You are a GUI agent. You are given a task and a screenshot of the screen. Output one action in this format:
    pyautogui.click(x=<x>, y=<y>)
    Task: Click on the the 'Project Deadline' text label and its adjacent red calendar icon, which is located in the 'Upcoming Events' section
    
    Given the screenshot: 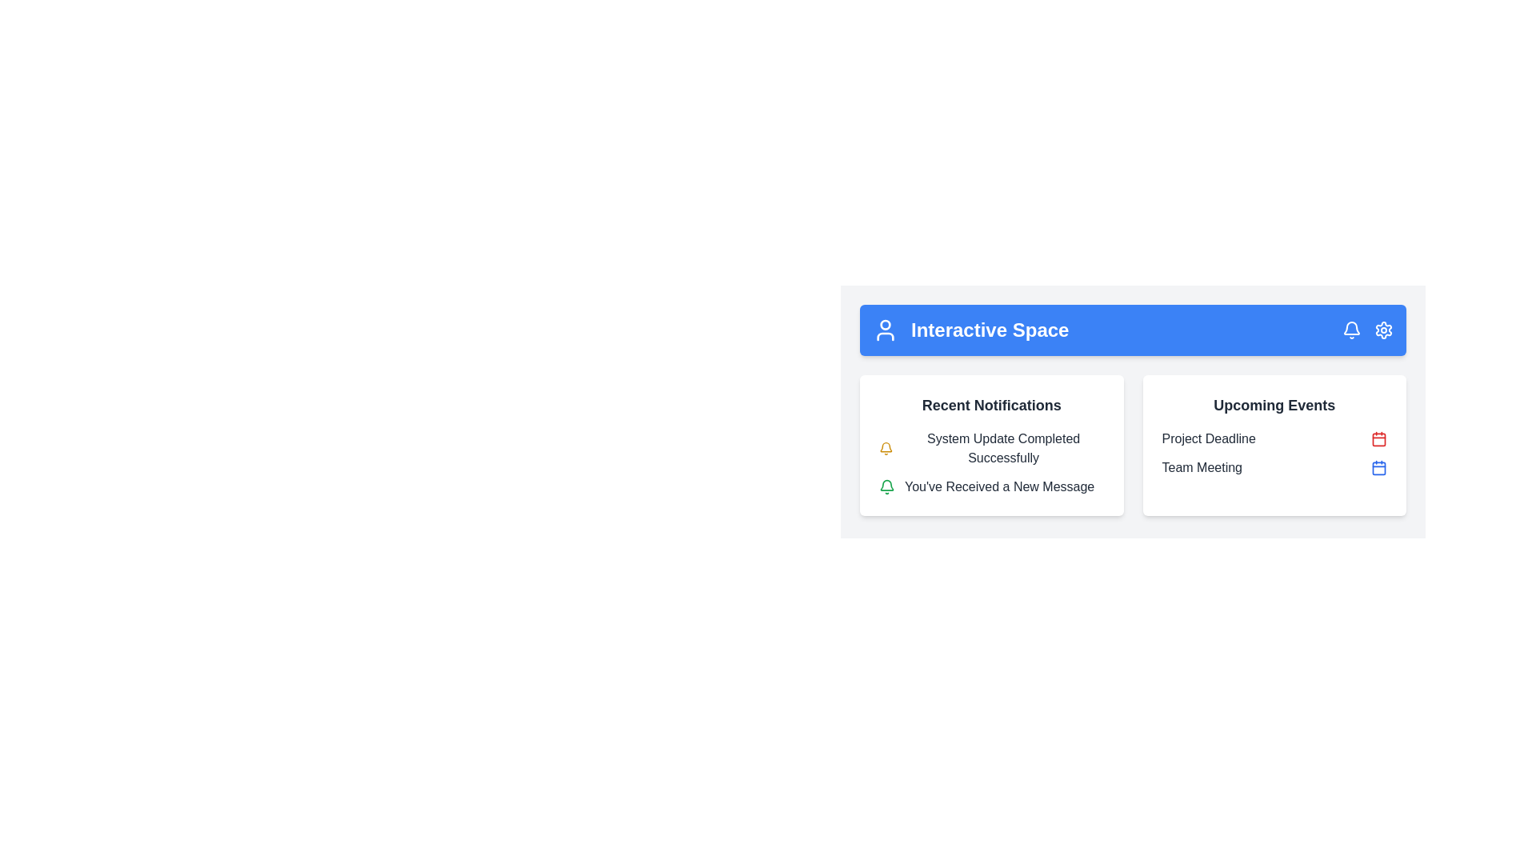 What is the action you would take?
    pyautogui.click(x=1274, y=438)
    